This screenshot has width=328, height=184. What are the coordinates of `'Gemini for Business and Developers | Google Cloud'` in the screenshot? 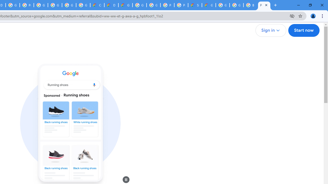 It's located at (125, 5).